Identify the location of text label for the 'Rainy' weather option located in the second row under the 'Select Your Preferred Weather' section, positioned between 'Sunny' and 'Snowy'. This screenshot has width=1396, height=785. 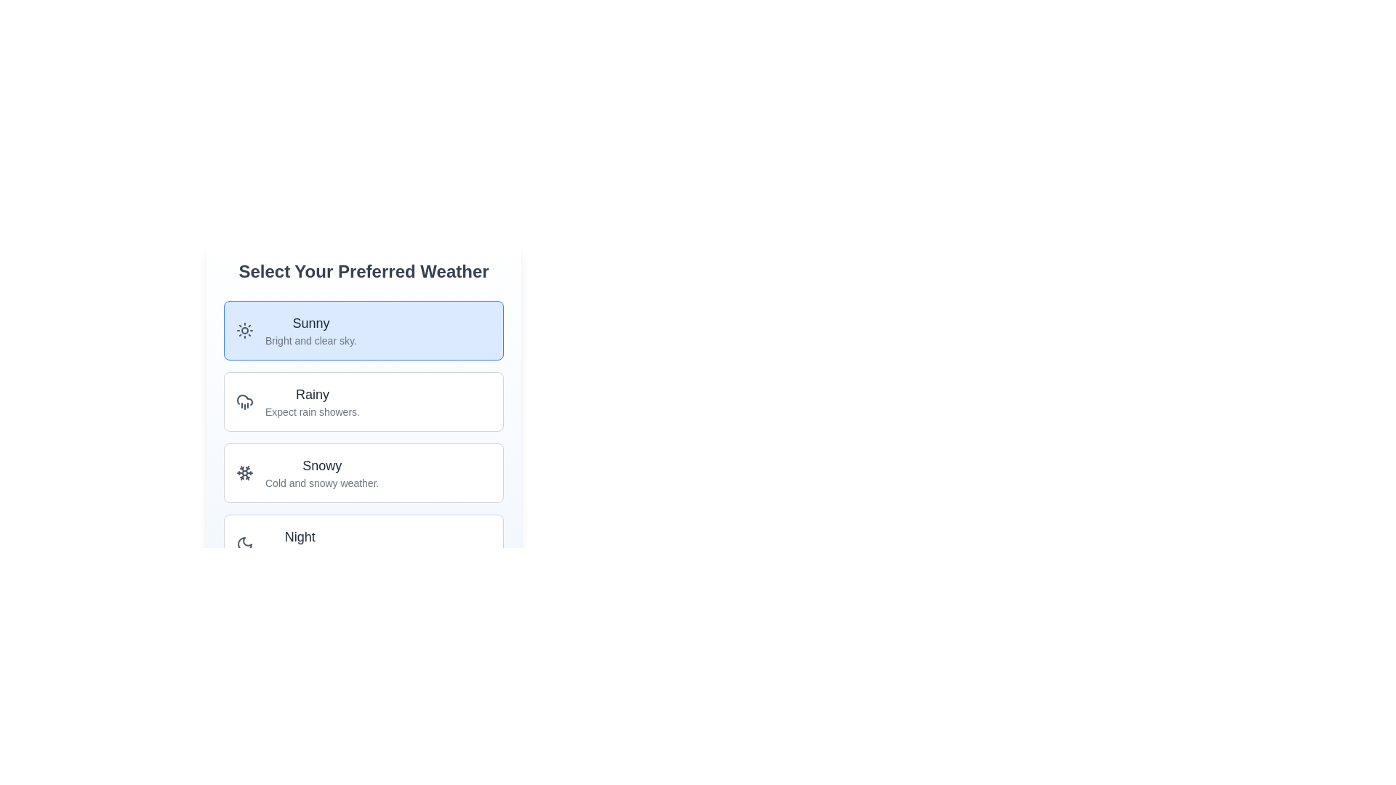
(311, 401).